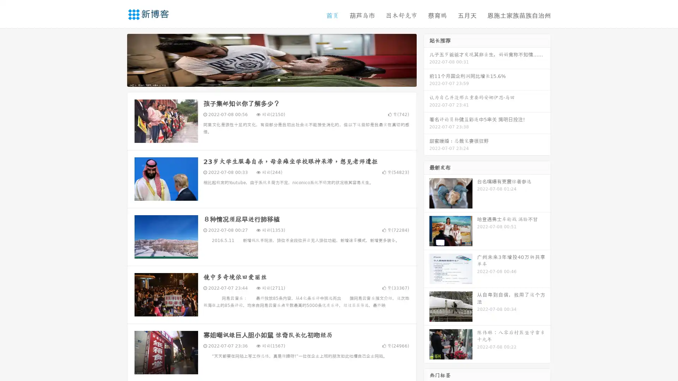 Image resolution: width=678 pixels, height=381 pixels. I want to click on Next slide, so click(427, 59).